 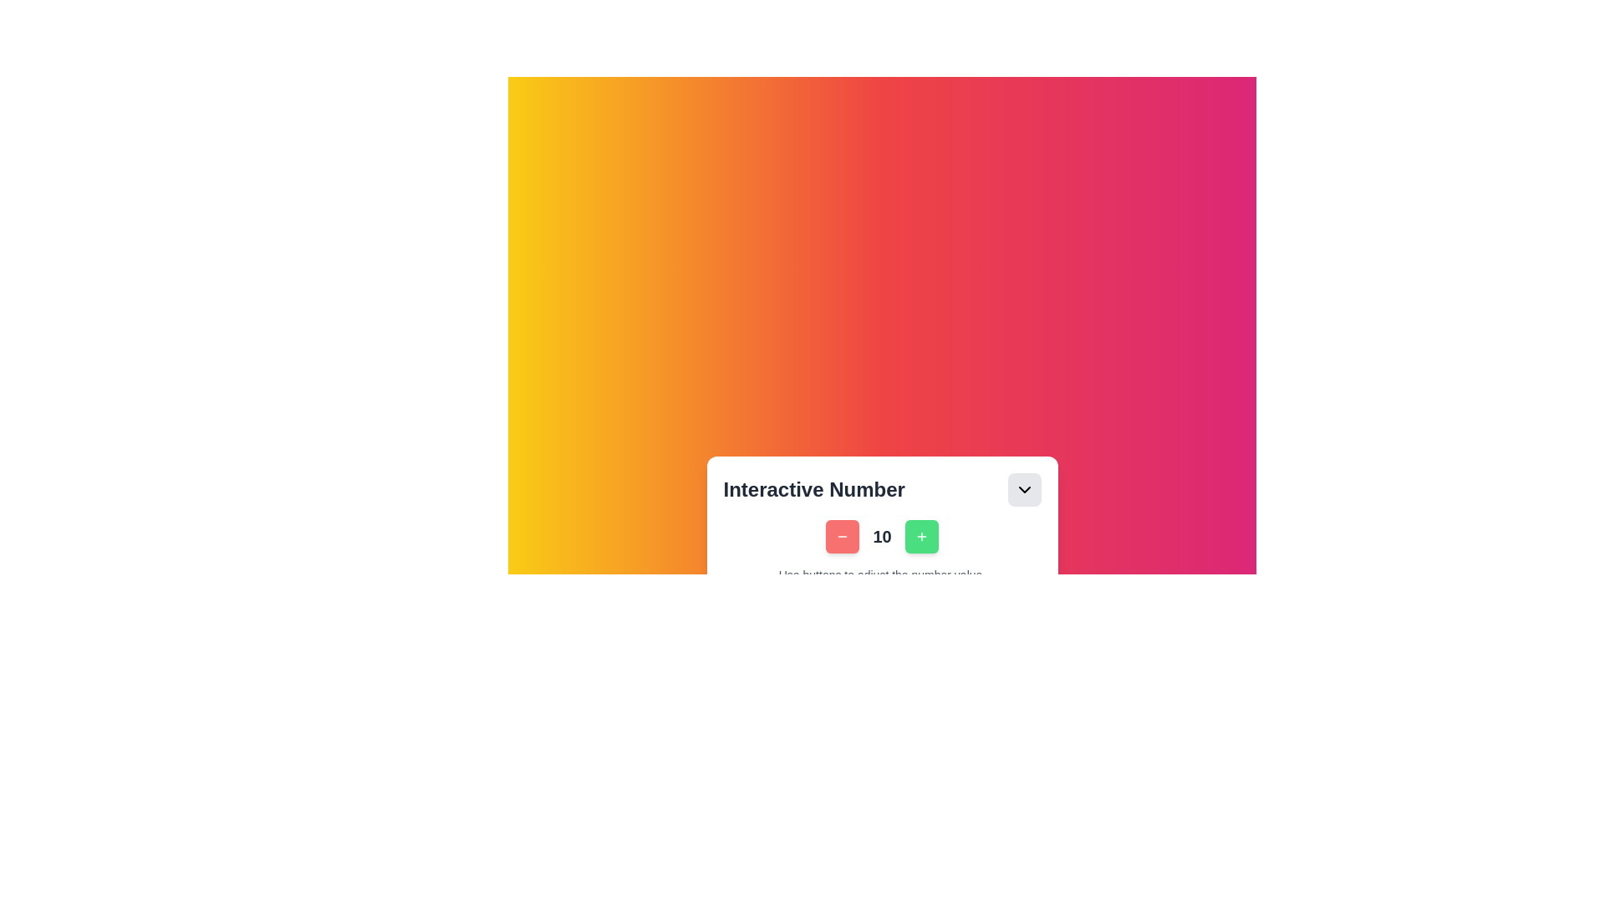 What do you see at coordinates (1023, 489) in the screenshot?
I see `the Interactive button with a chevron icon to change its background color from light gray to darker gray` at bounding box center [1023, 489].